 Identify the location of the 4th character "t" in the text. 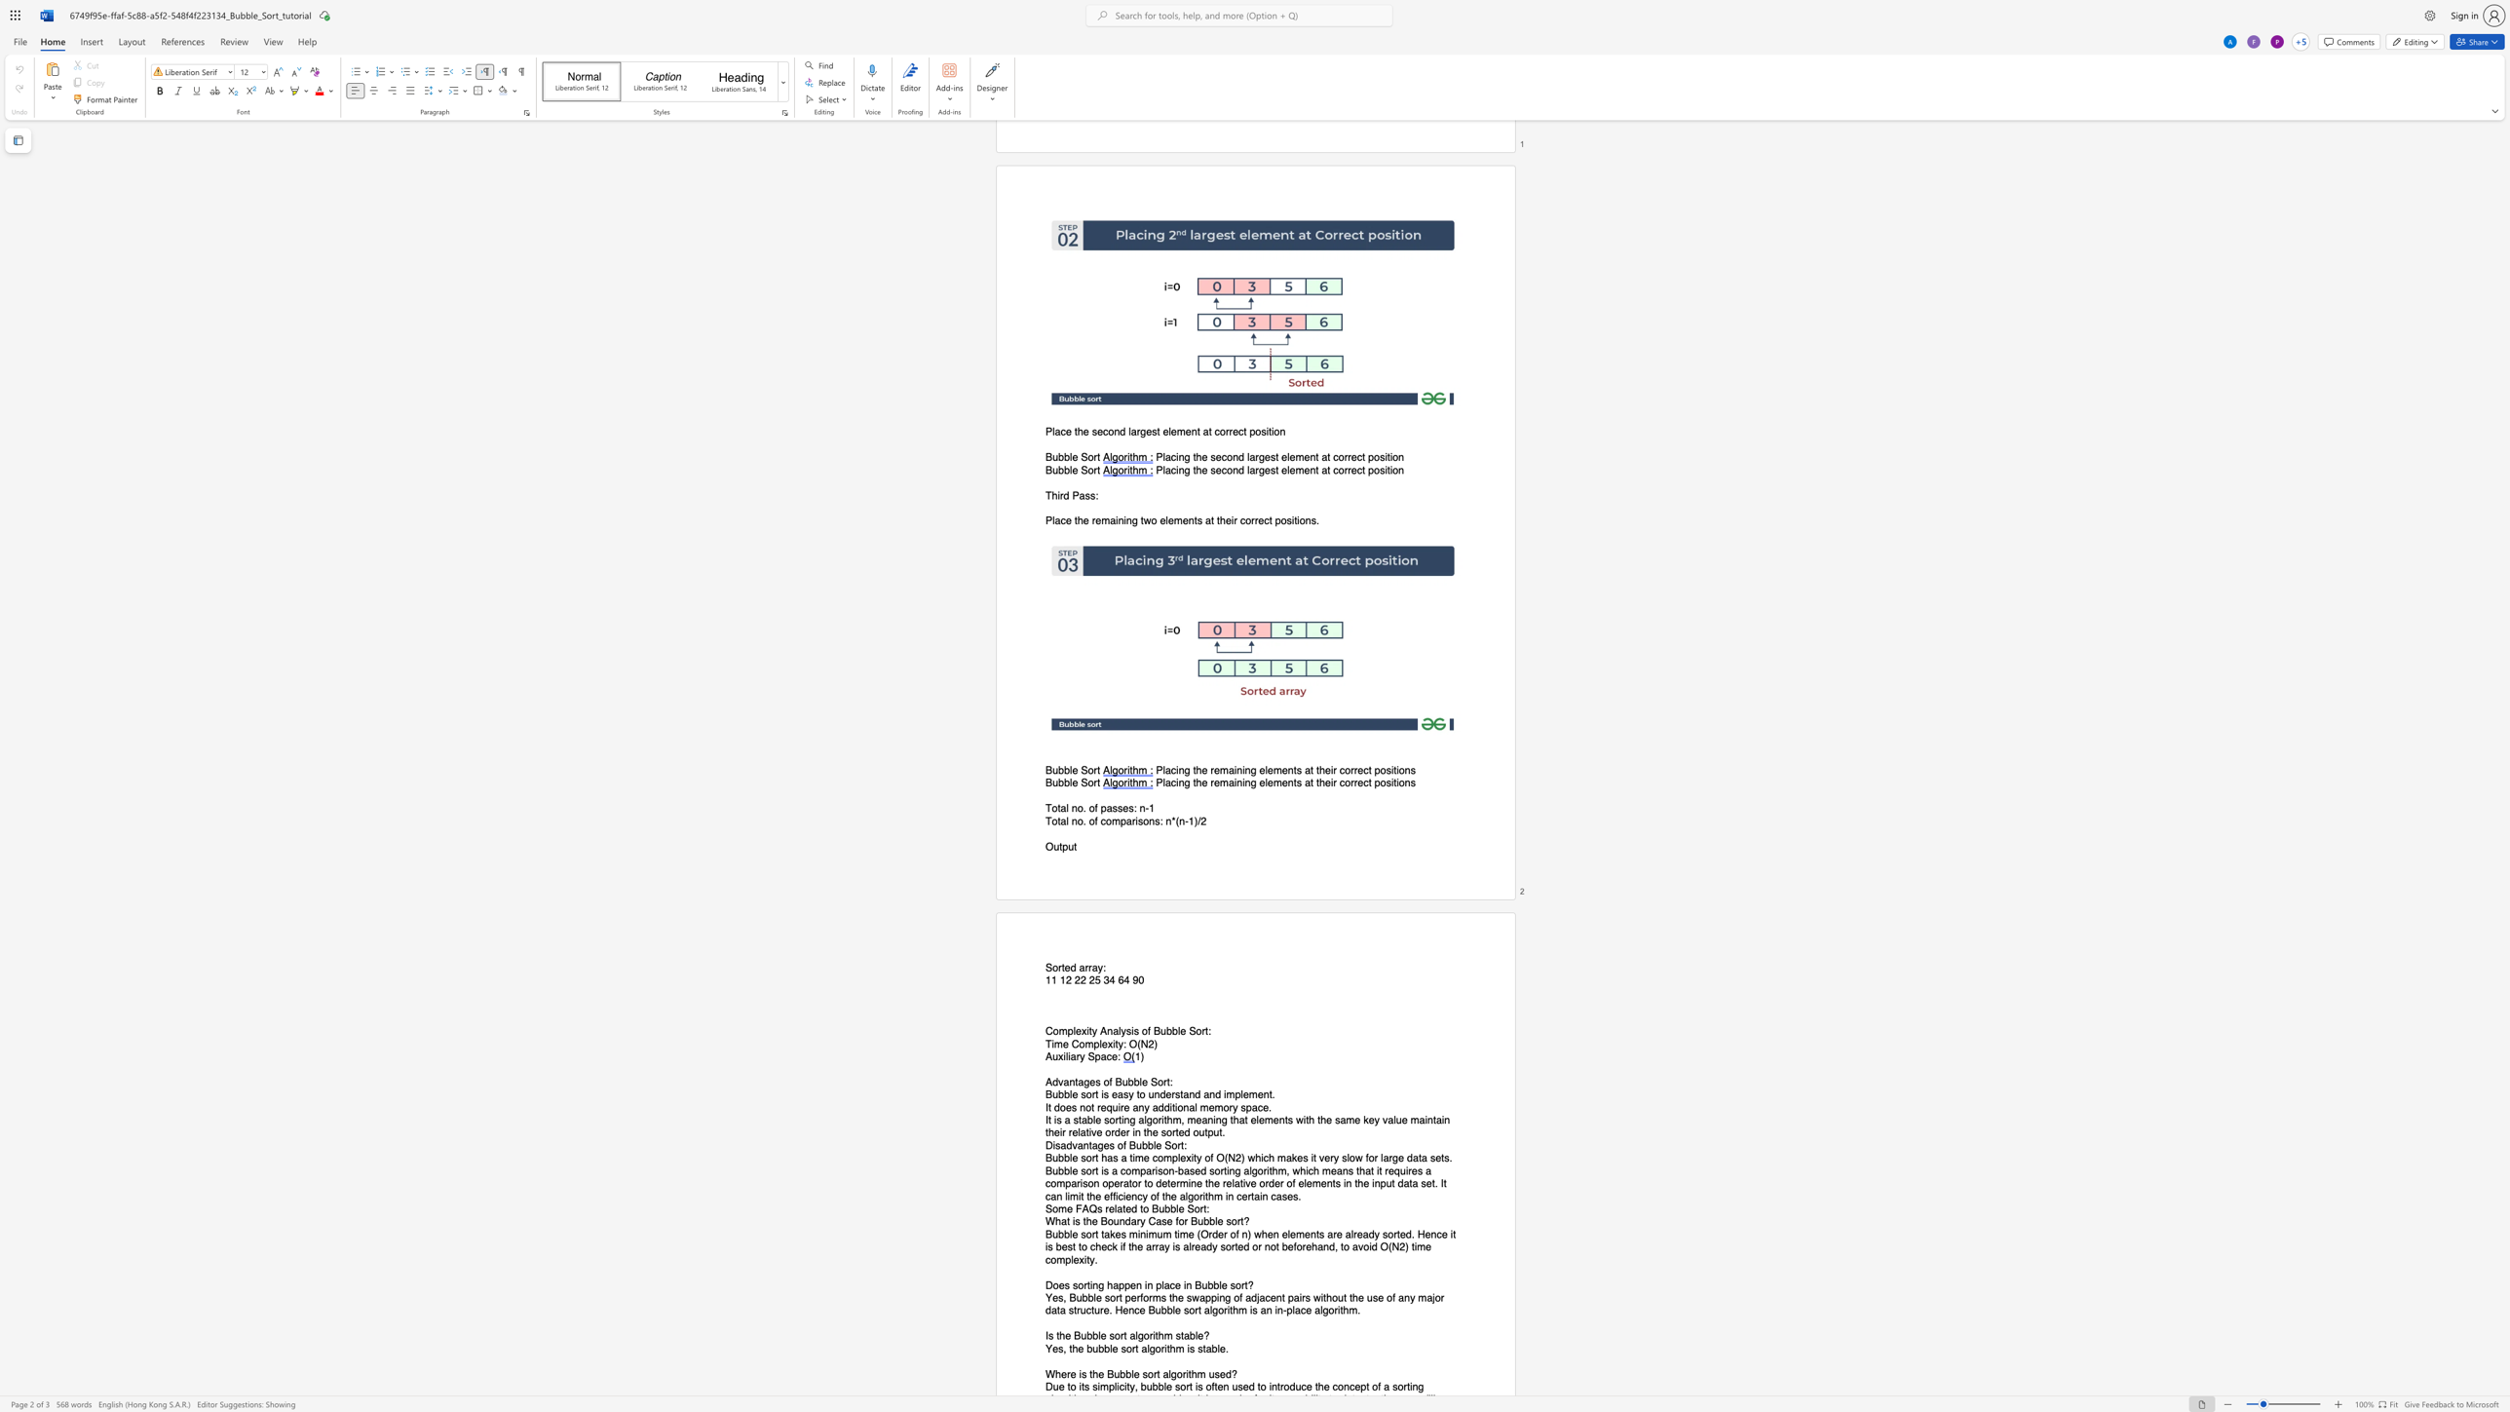
(1202, 1349).